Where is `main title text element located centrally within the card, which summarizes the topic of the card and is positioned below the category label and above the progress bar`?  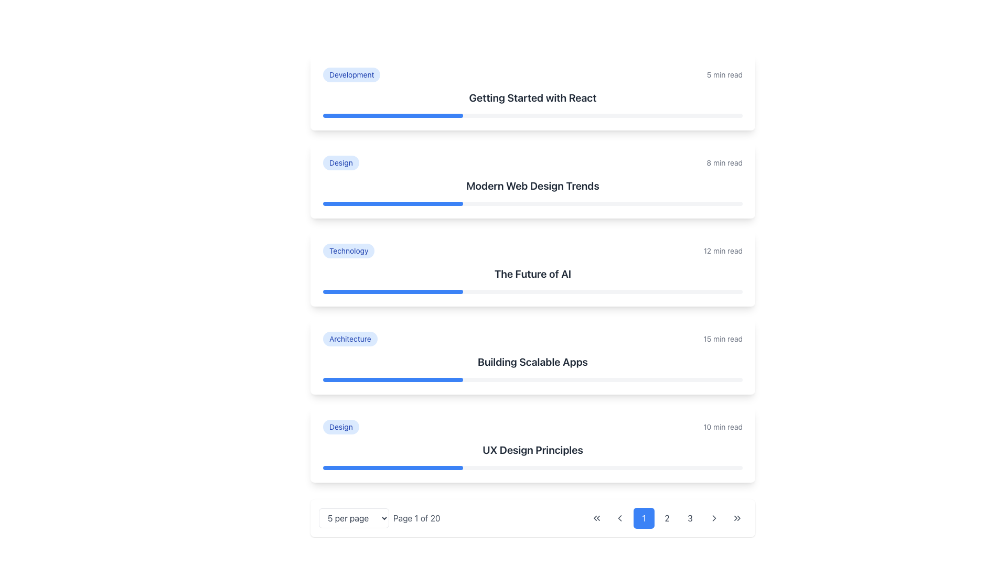 main title text element located centrally within the card, which summarizes the topic of the card and is positioned below the category label and above the progress bar is located at coordinates (533, 274).